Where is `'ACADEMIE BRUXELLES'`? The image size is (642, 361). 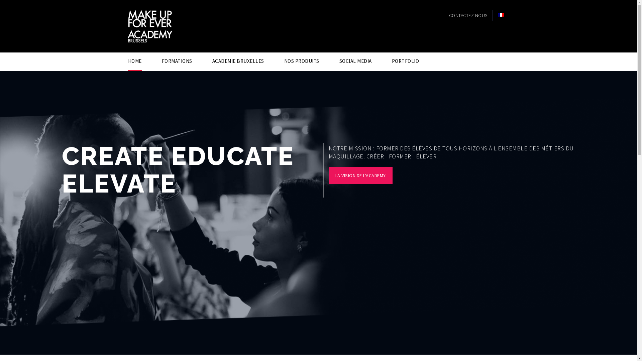
'ACADEMIE BRUXELLES' is located at coordinates (211, 61).